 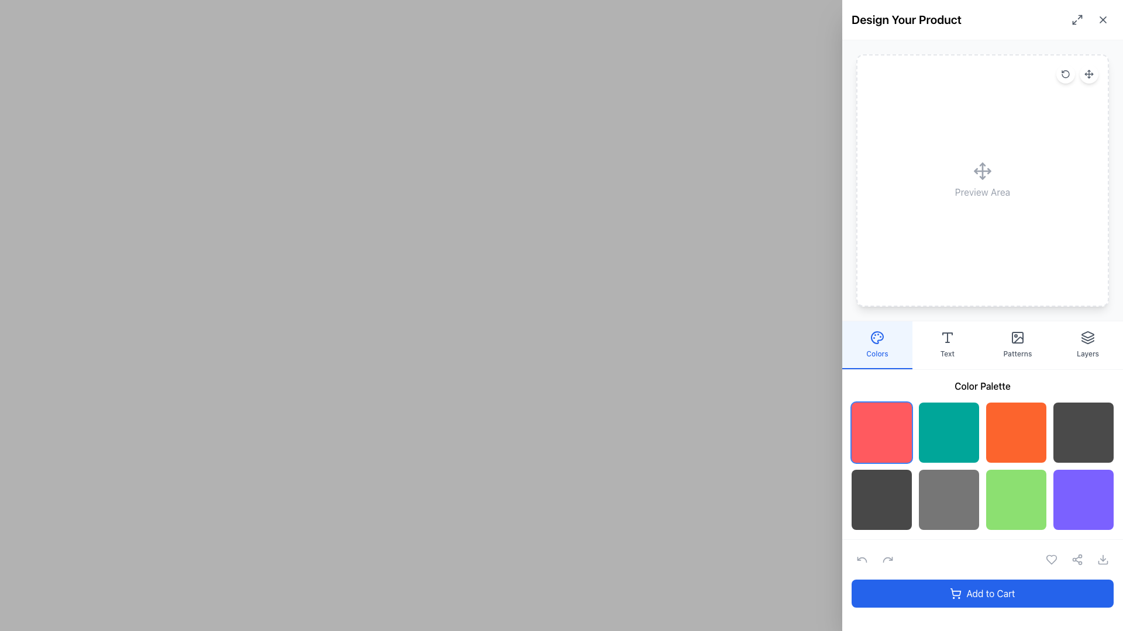 What do you see at coordinates (1087, 353) in the screenshot?
I see `the 'Layers' text label, which is styled in small gray font and located at the bottom of a vertical button group on the right side of the interface` at bounding box center [1087, 353].